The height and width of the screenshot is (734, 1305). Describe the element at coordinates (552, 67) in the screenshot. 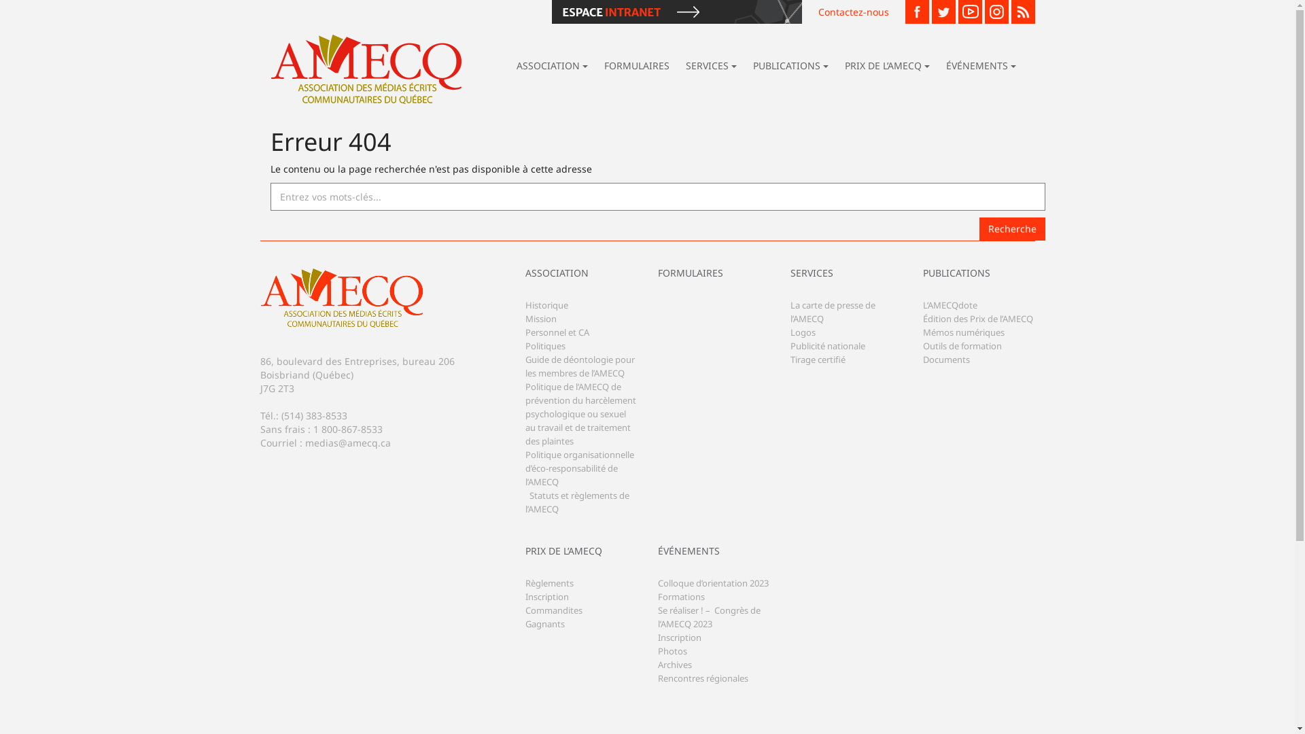

I see `'ASSOCIATION'` at that location.